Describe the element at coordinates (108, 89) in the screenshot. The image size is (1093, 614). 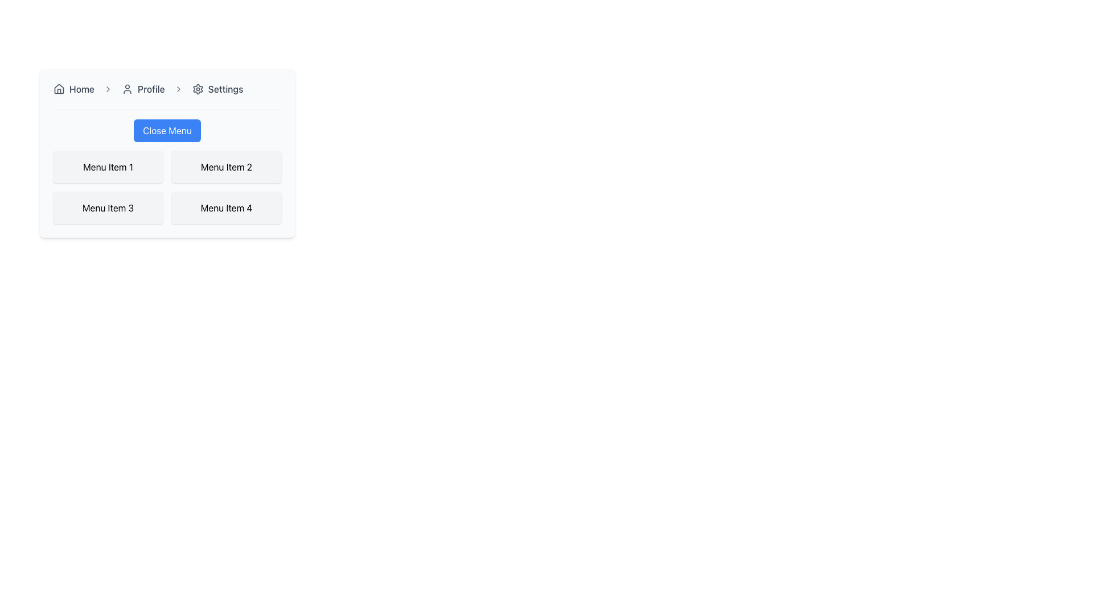
I see `the right-facing arrow icon in the breadcrumb navigation bar that separates 'Home' and 'Profile' segments` at that location.